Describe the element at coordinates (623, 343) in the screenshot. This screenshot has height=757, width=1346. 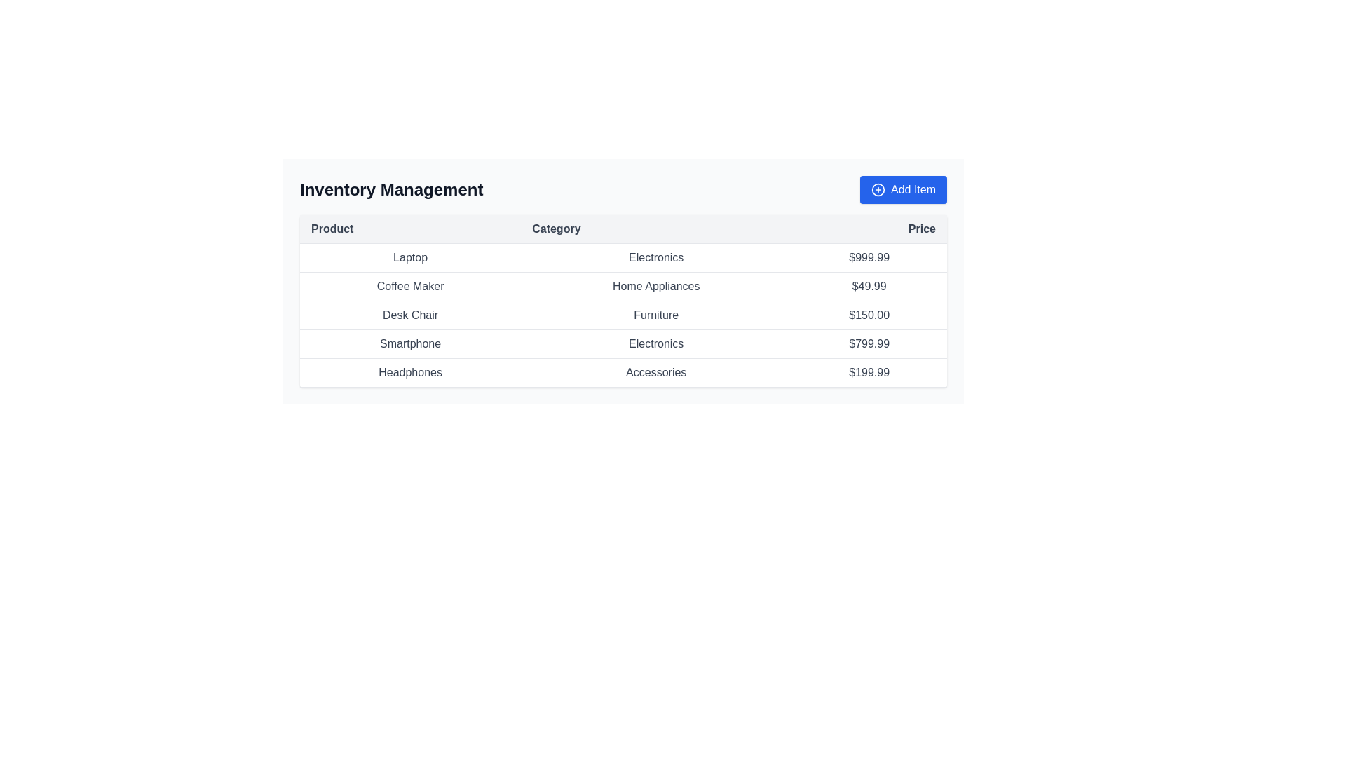
I see `the table row displaying 'Smartphone' under the 'Inventory Management' section, which includes 'Product', 'Category', and 'Price'` at that location.